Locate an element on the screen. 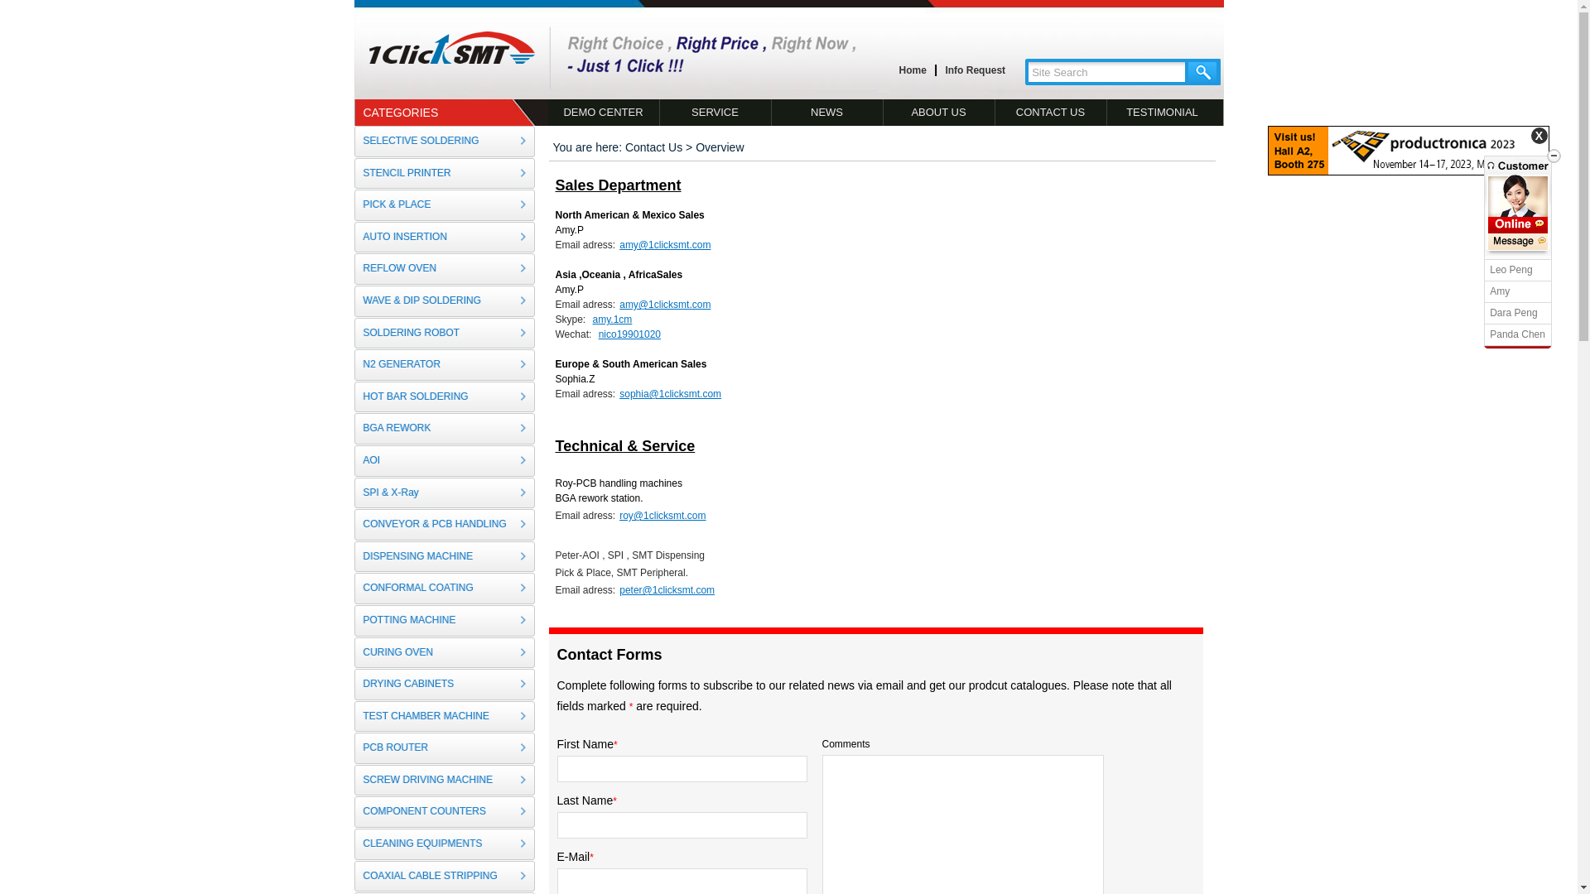 Image resolution: width=1590 pixels, height=894 pixels. 'STENCIL PRINTER' is located at coordinates (445, 173).